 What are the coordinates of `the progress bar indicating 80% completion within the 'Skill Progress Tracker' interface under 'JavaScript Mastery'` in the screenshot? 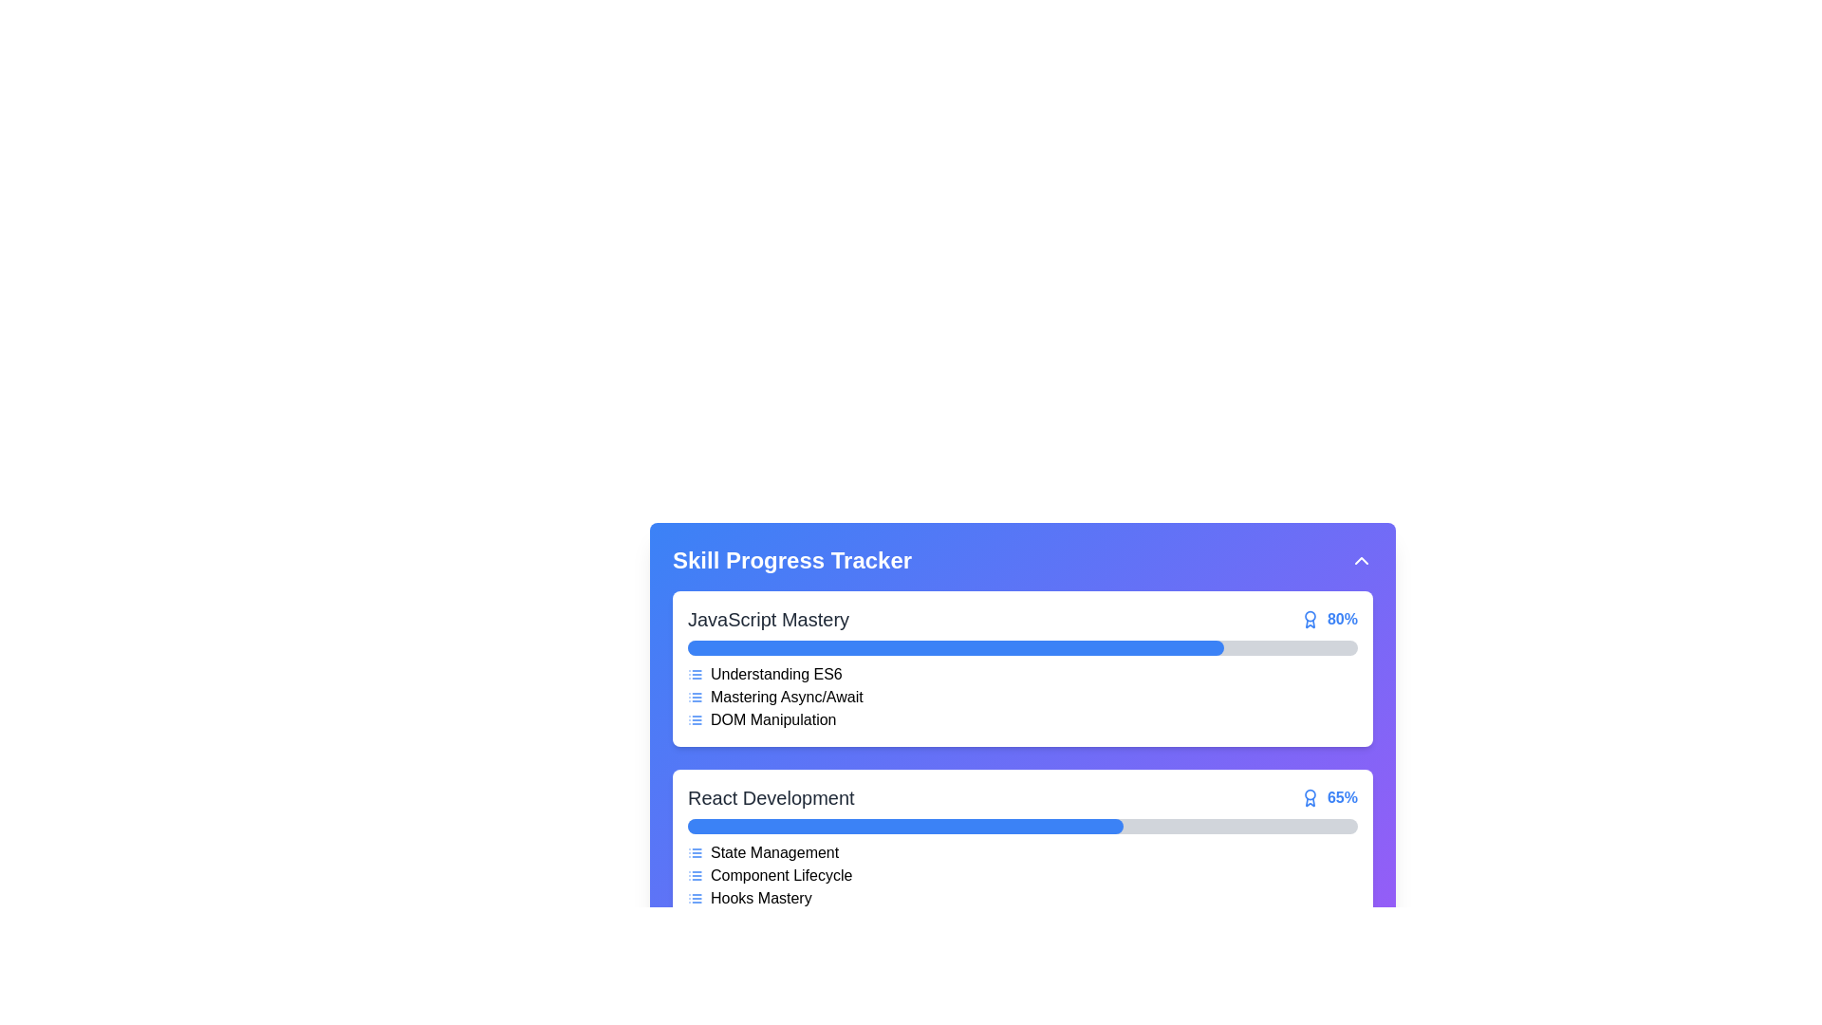 It's located at (1022, 646).